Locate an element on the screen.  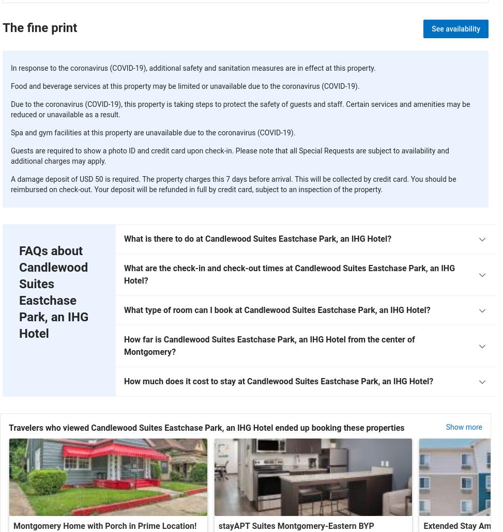
'In response to the coronavirus (COVID-19), additional safety and sanitation measures are in effect at this property.' is located at coordinates (11, 68).